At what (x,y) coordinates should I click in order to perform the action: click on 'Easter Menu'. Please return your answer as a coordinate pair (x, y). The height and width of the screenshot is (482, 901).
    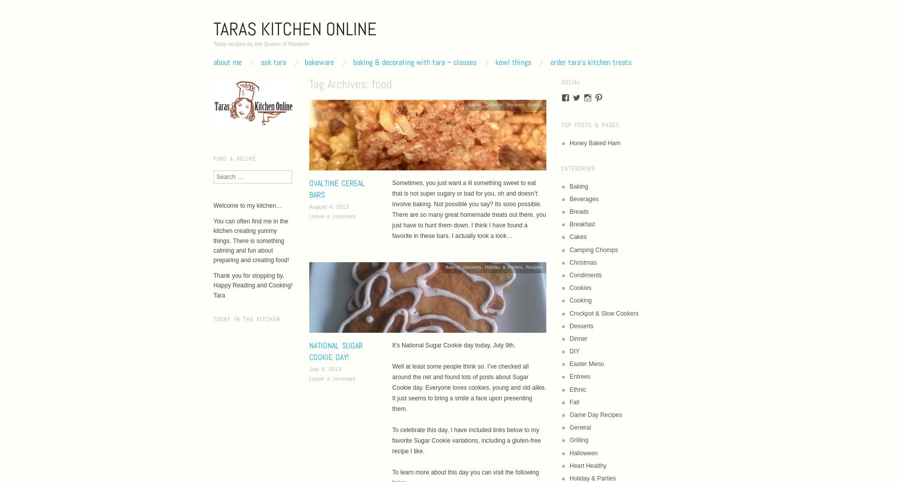
    Looking at the image, I should click on (586, 363).